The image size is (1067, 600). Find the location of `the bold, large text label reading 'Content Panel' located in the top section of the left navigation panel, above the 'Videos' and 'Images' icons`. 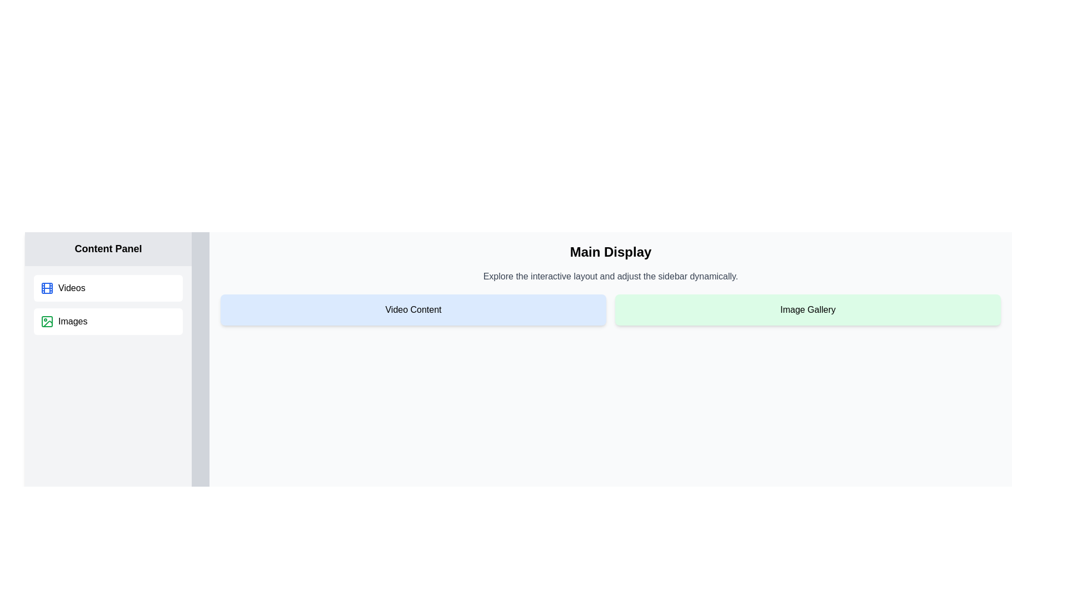

the bold, large text label reading 'Content Panel' located in the top section of the left navigation panel, above the 'Videos' and 'Images' icons is located at coordinates (108, 248).